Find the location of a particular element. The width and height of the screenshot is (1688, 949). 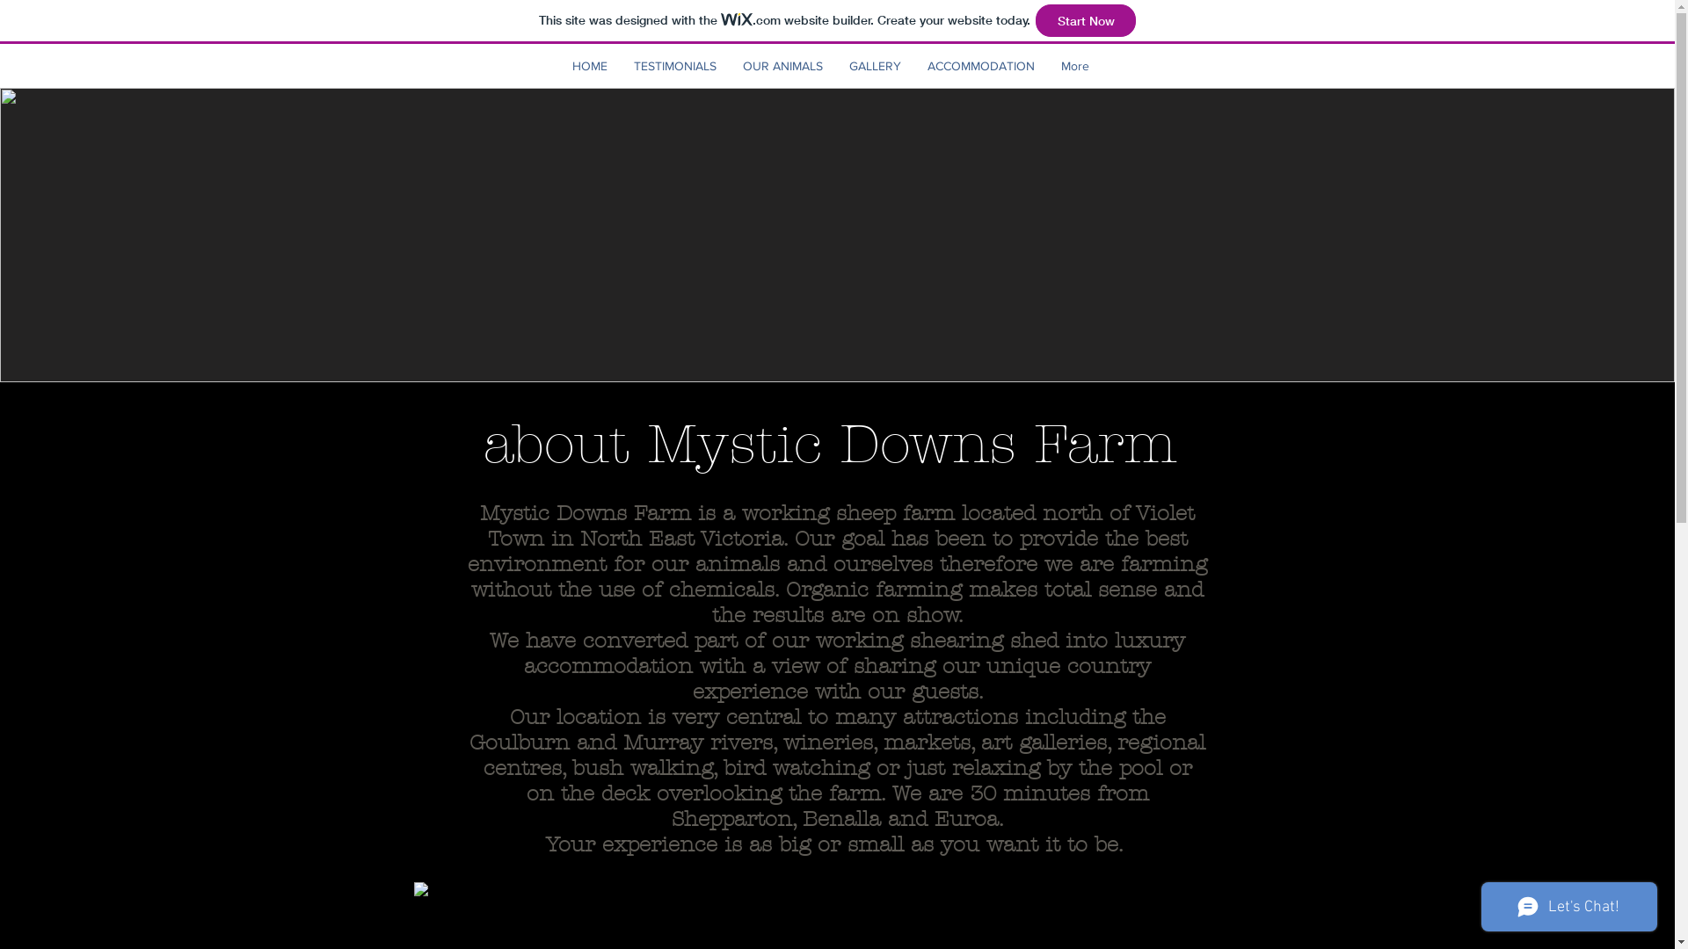

'ACCOMMODATION' is located at coordinates (914, 64).